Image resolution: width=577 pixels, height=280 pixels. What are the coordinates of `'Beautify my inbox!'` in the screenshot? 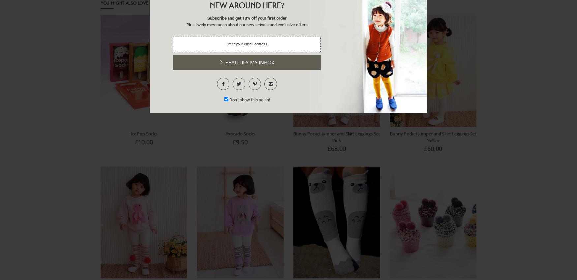 It's located at (249, 62).